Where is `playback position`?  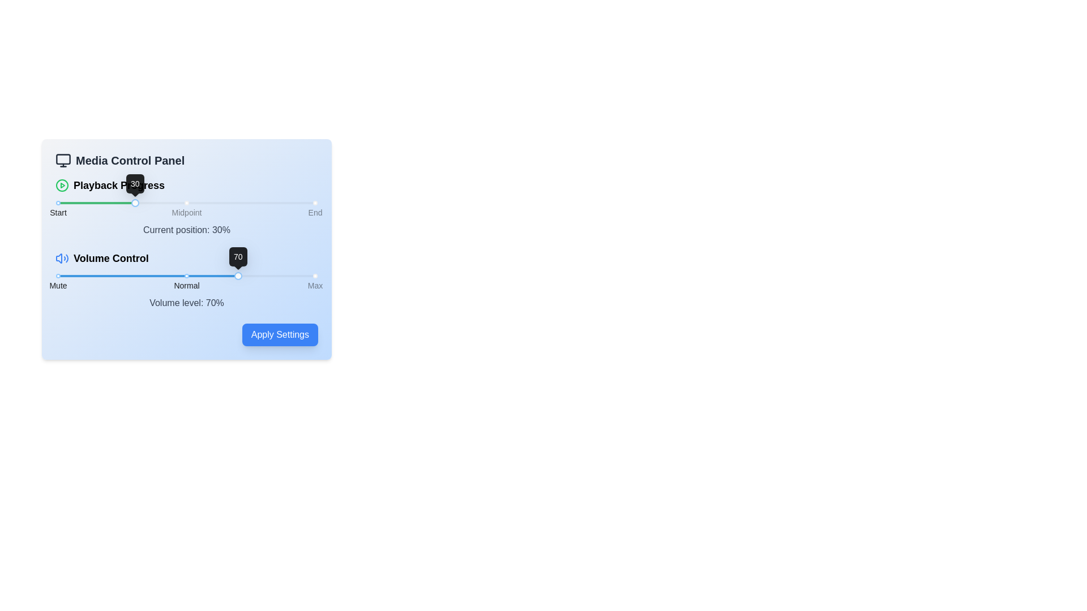
playback position is located at coordinates (230, 202).